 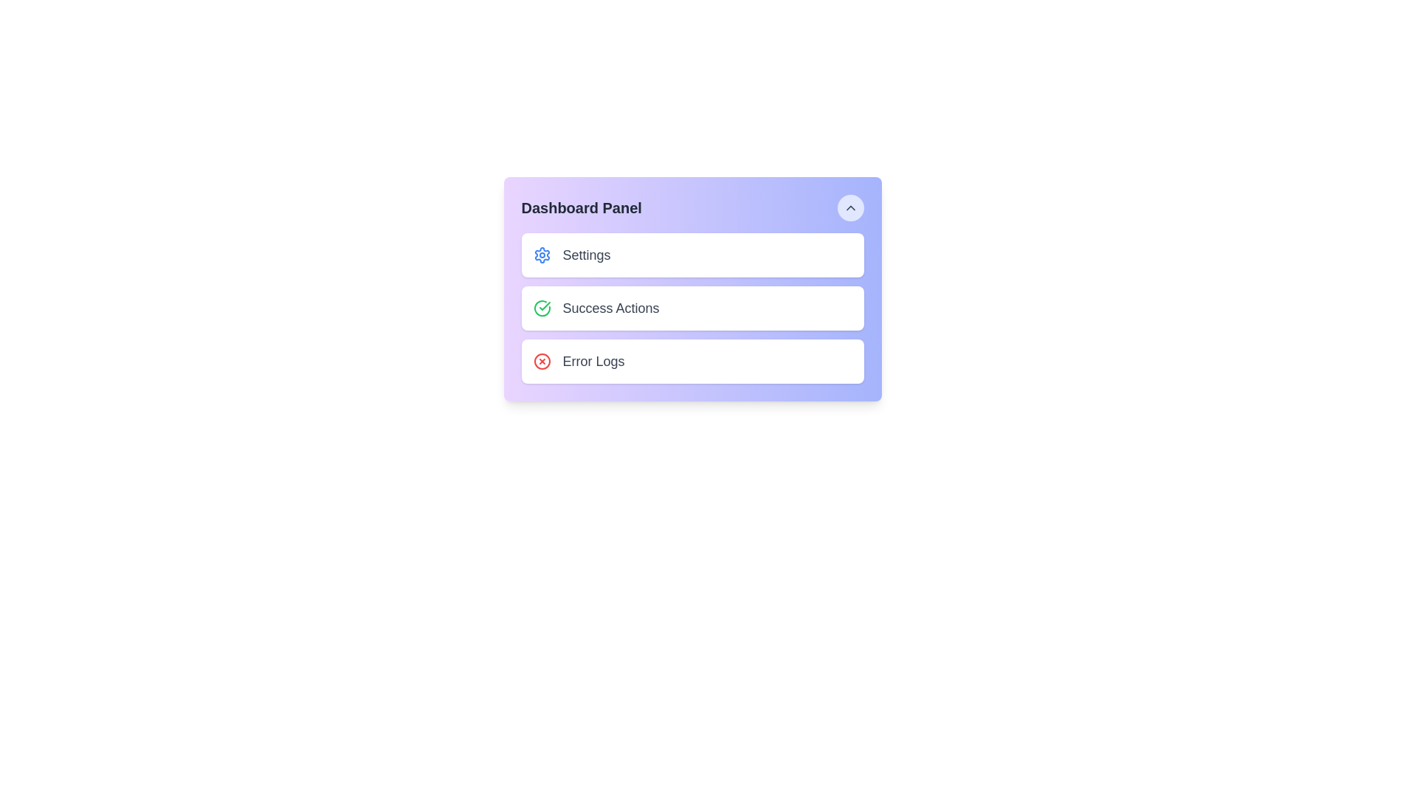 What do you see at coordinates (850, 207) in the screenshot?
I see `the button located at the top-right corner of the 'Dashboard Panel' to enable accessibility navigation` at bounding box center [850, 207].